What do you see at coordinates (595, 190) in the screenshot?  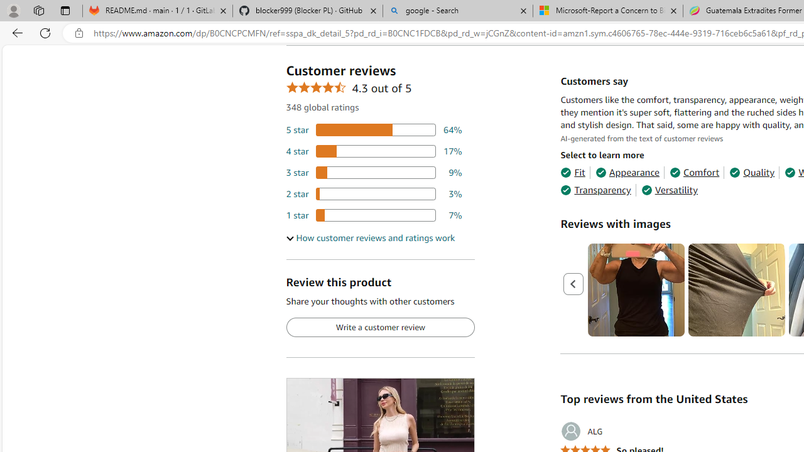 I see `'Transparency'` at bounding box center [595, 190].